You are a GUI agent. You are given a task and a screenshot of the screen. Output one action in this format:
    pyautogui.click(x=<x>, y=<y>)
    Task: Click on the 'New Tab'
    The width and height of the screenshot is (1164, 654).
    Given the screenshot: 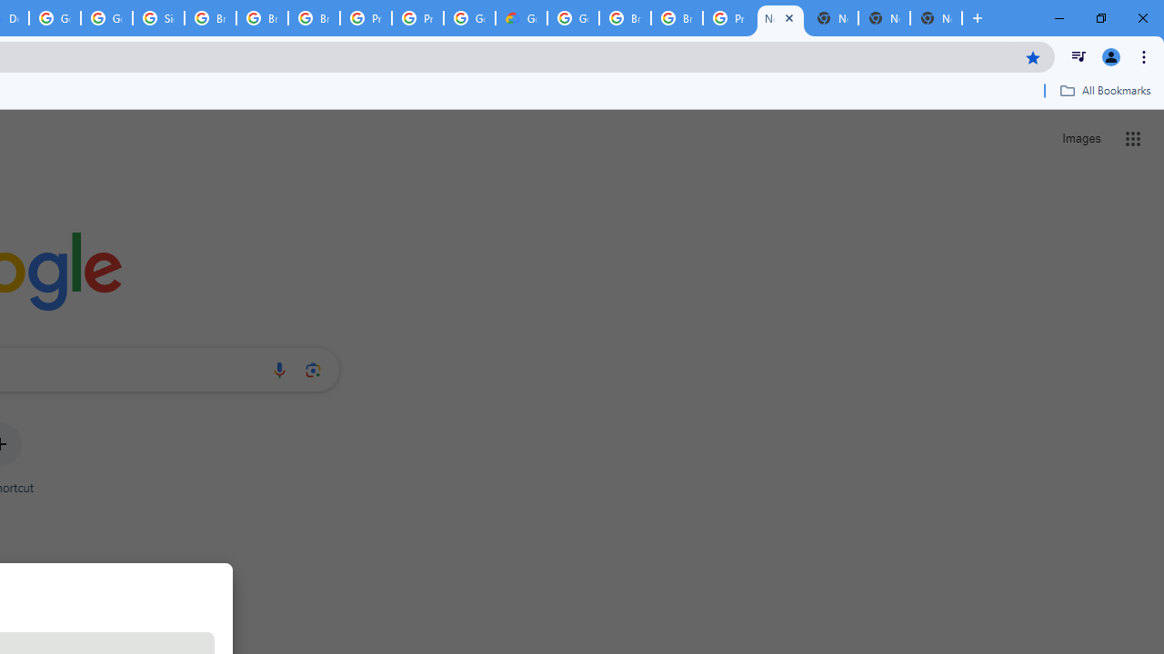 What is the action you would take?
    pyautogui.click(x=936, y=18)
    